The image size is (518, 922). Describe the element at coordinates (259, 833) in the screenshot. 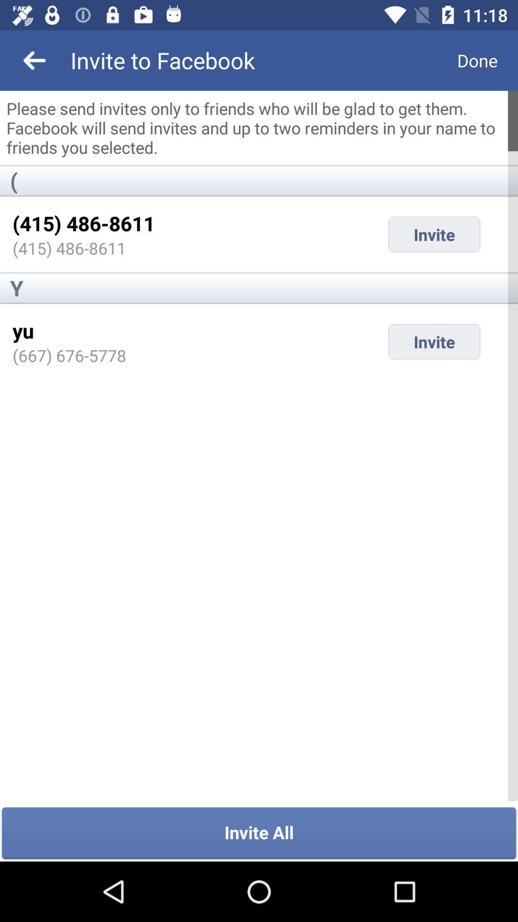

I see `the item below the (667) 676-5778 icon` at that location.